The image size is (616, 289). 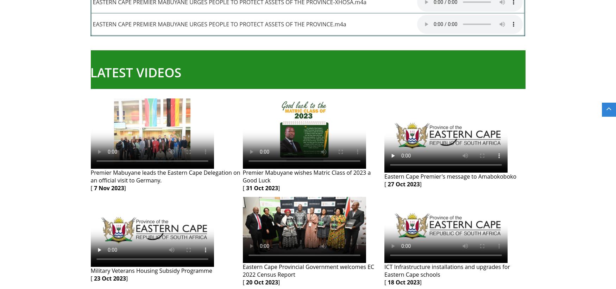 What do you see at coordinates (262, 282) in the screenshot?
I see `'20 Oct 2023'` at bounding box center [262, 282].